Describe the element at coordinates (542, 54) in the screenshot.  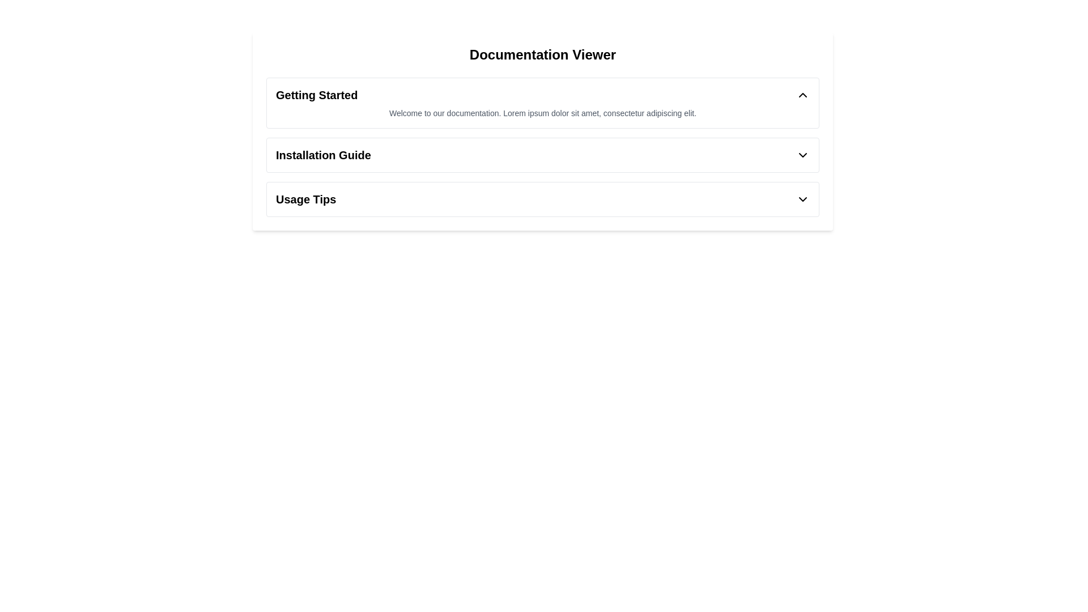
I see `text of the Header element which serves as the title for the documentation viewer, positioned centrally at the top of the interface` at that location.